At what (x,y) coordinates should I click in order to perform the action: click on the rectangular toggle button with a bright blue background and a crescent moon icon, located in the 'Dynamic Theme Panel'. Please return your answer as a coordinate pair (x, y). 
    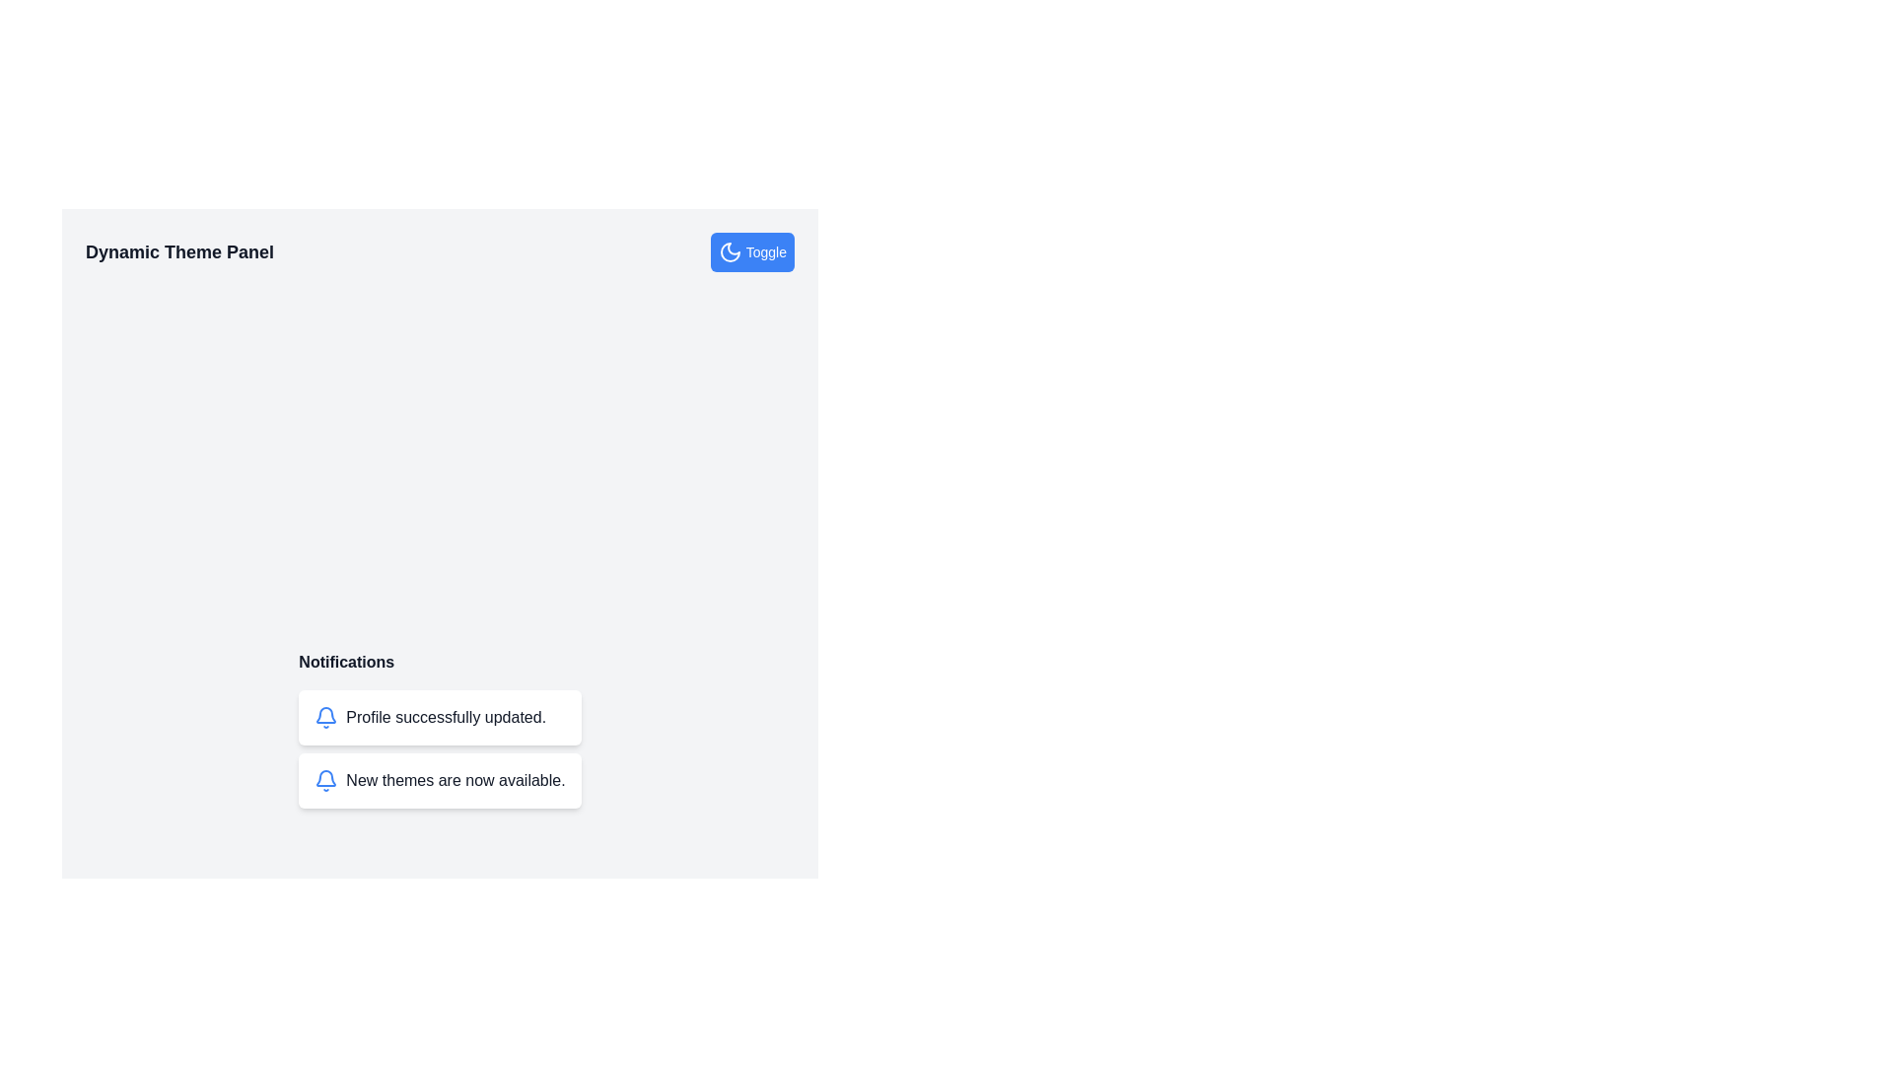
    Looking at the image, I should click on (751, 250).